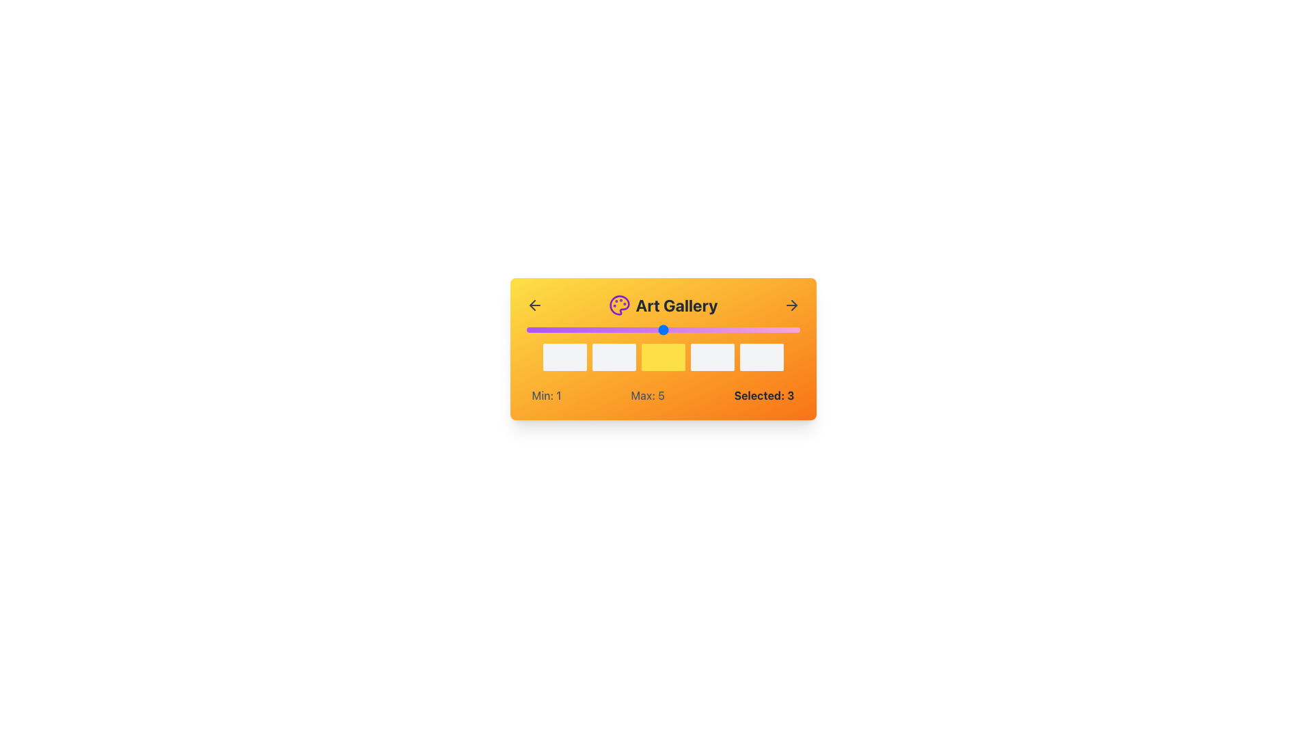 This screenshot has width=1312, height=738. I want to click on the third selectable box in the 'Art Gallery' section, so click(663, 348).